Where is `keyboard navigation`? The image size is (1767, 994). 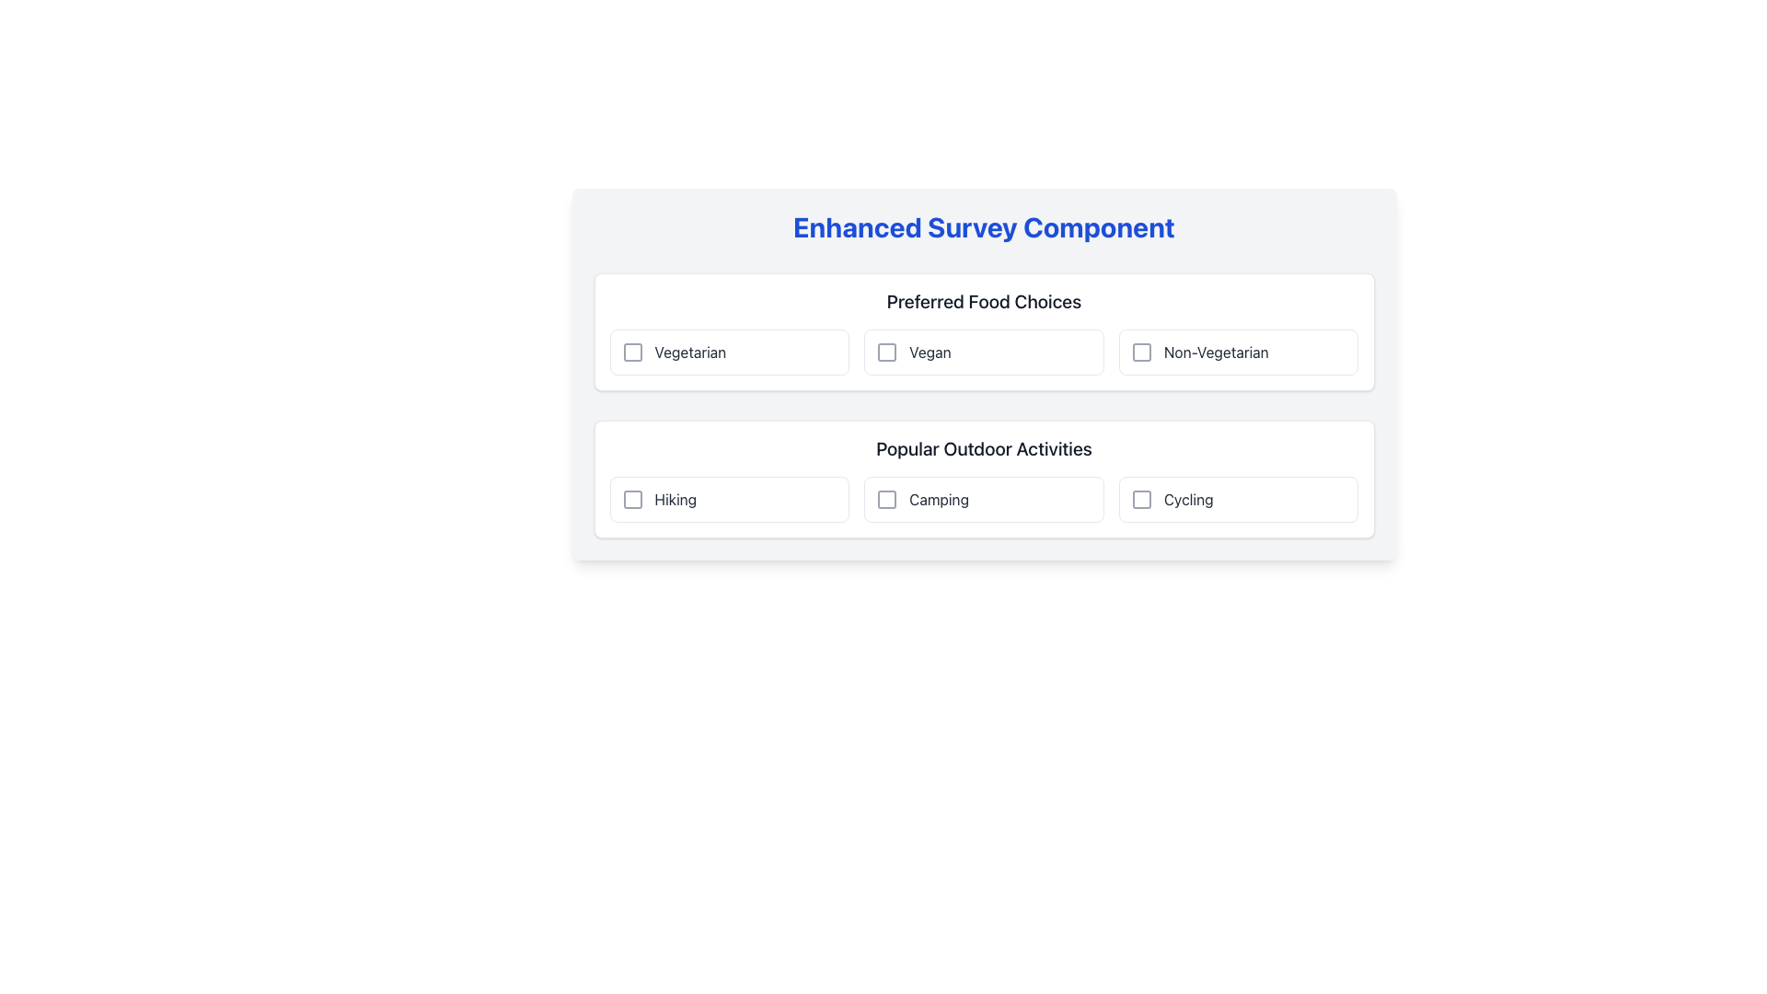
keyboard navigation is located at coordinates (728, 352).